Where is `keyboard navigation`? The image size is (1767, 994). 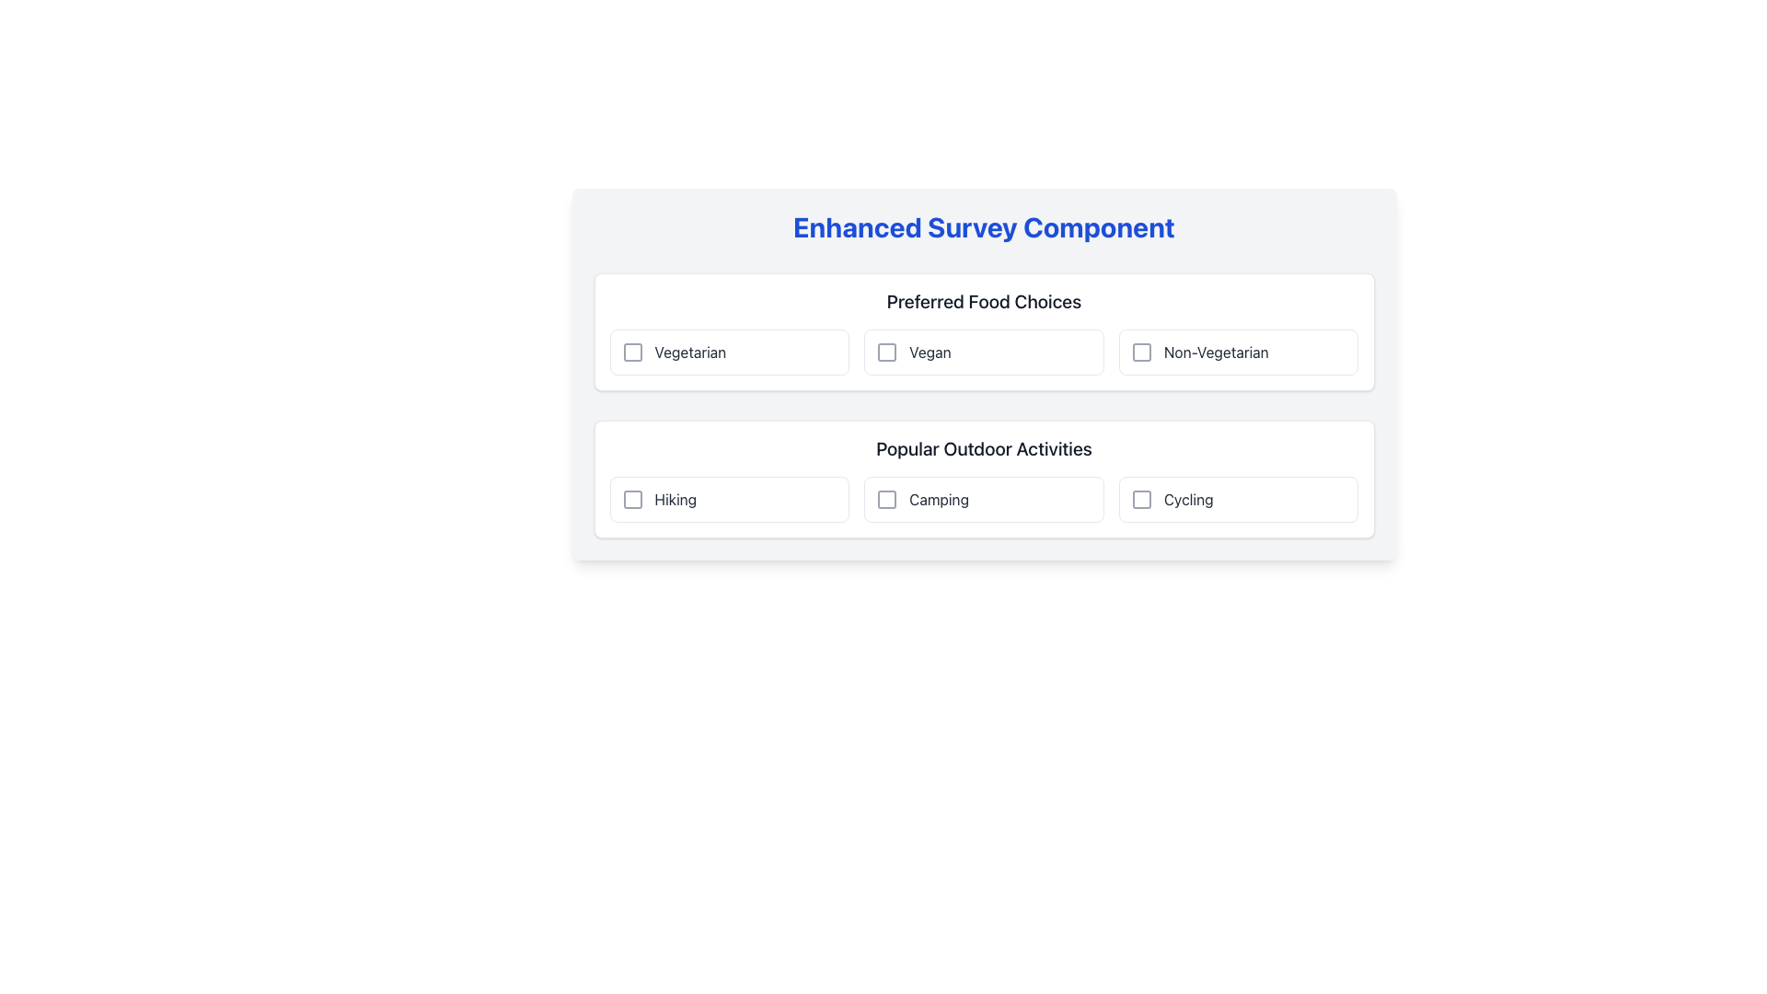
keyboard navigation is located at coordinates (728, 352).